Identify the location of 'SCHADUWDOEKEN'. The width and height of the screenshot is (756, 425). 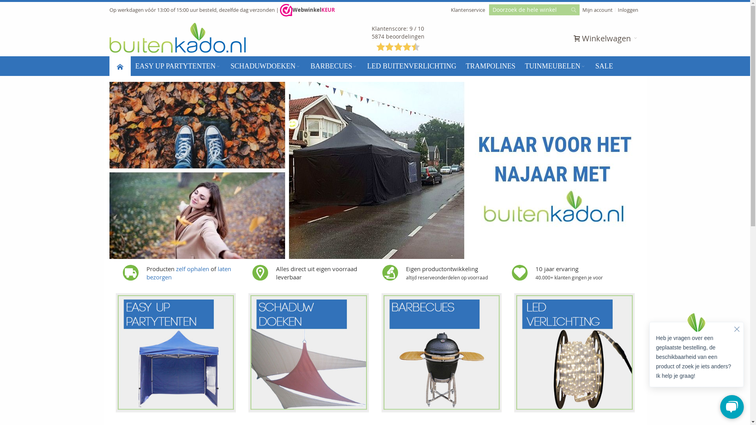
(265, 66).